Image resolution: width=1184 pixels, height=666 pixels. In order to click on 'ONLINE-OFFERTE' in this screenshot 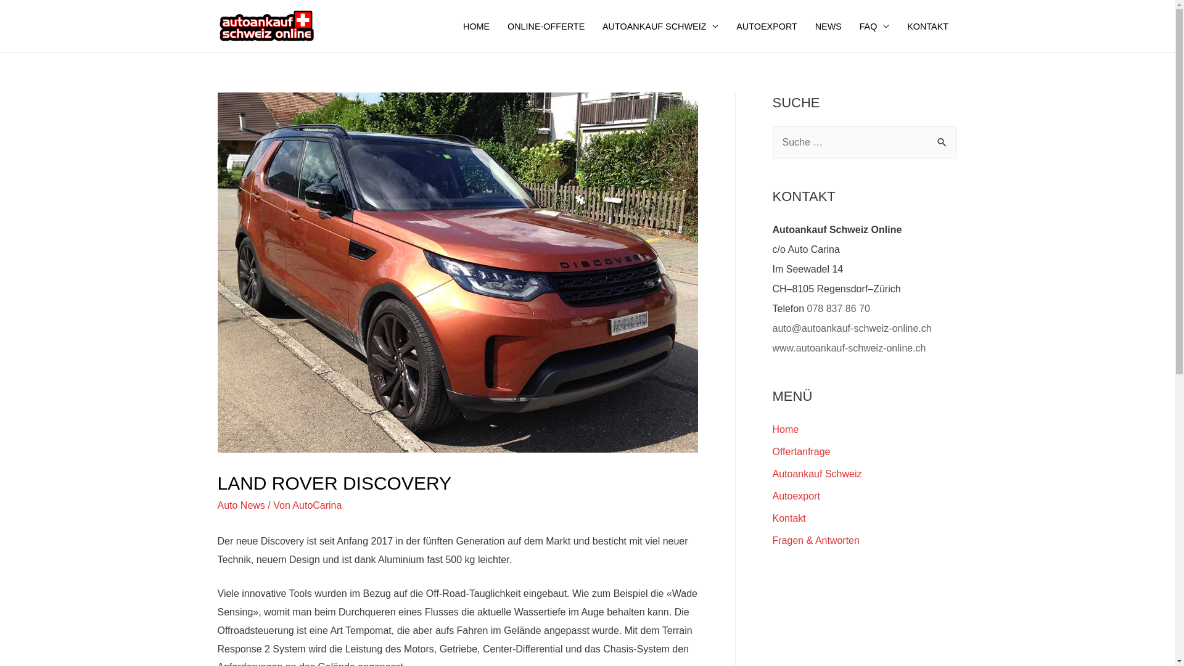, I will do `click(546, 26)`.